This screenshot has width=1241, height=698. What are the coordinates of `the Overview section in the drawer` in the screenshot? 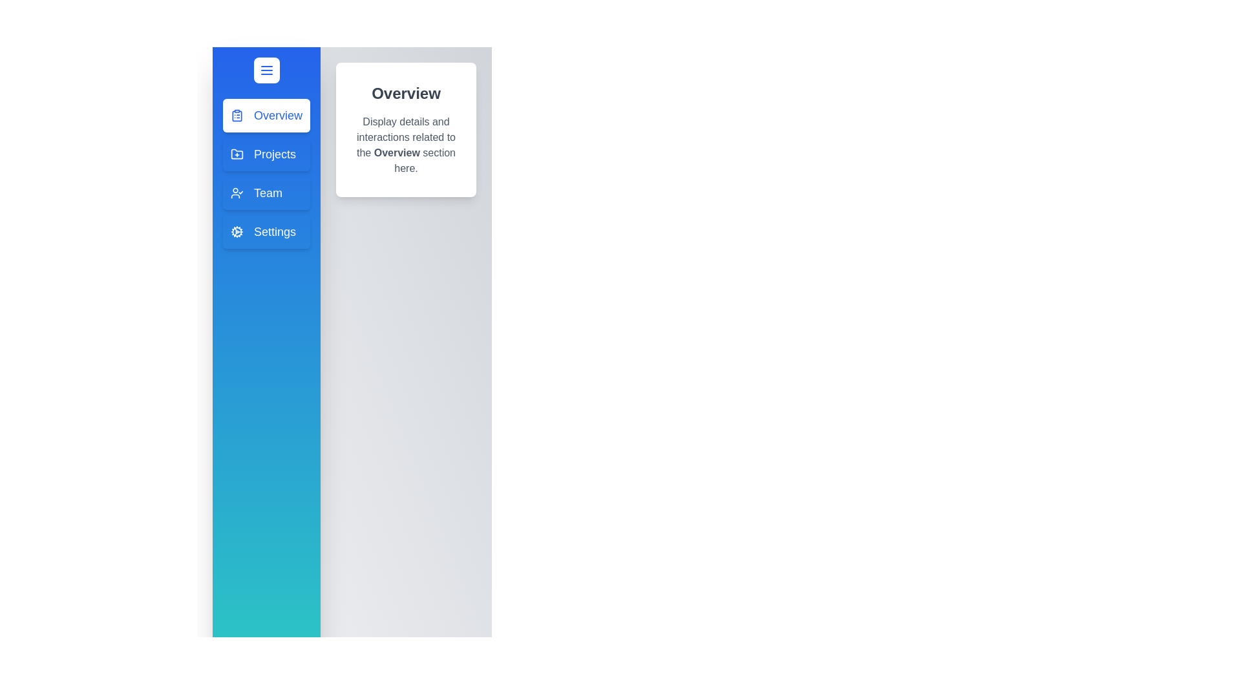 It's located at (266, 114).